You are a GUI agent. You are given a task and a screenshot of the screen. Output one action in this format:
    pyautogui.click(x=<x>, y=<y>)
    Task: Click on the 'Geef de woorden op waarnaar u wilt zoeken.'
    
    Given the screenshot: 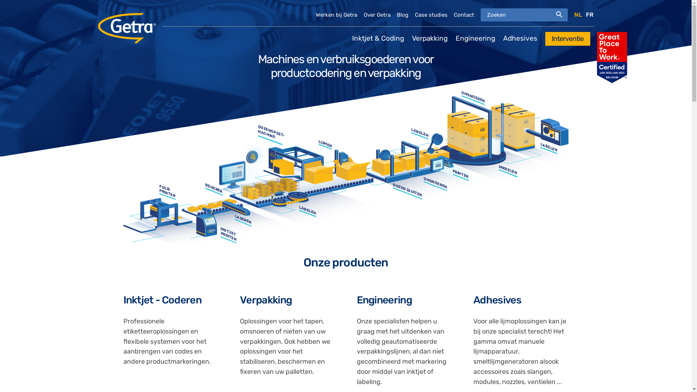 What is the action you would take?
    pyautogui.click(x=481, y=14)
    